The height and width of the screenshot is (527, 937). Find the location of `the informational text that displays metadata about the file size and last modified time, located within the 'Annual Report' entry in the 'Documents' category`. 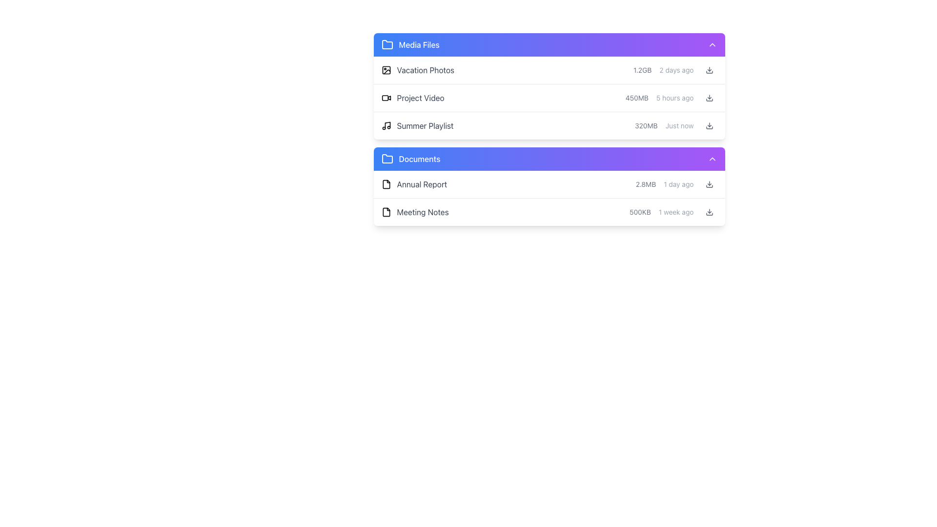

the informational text that displays metadata about the file size and last modified time, located within the 'Annual Report' entry in the 'Documents' category is located at coordinates (676, 184).